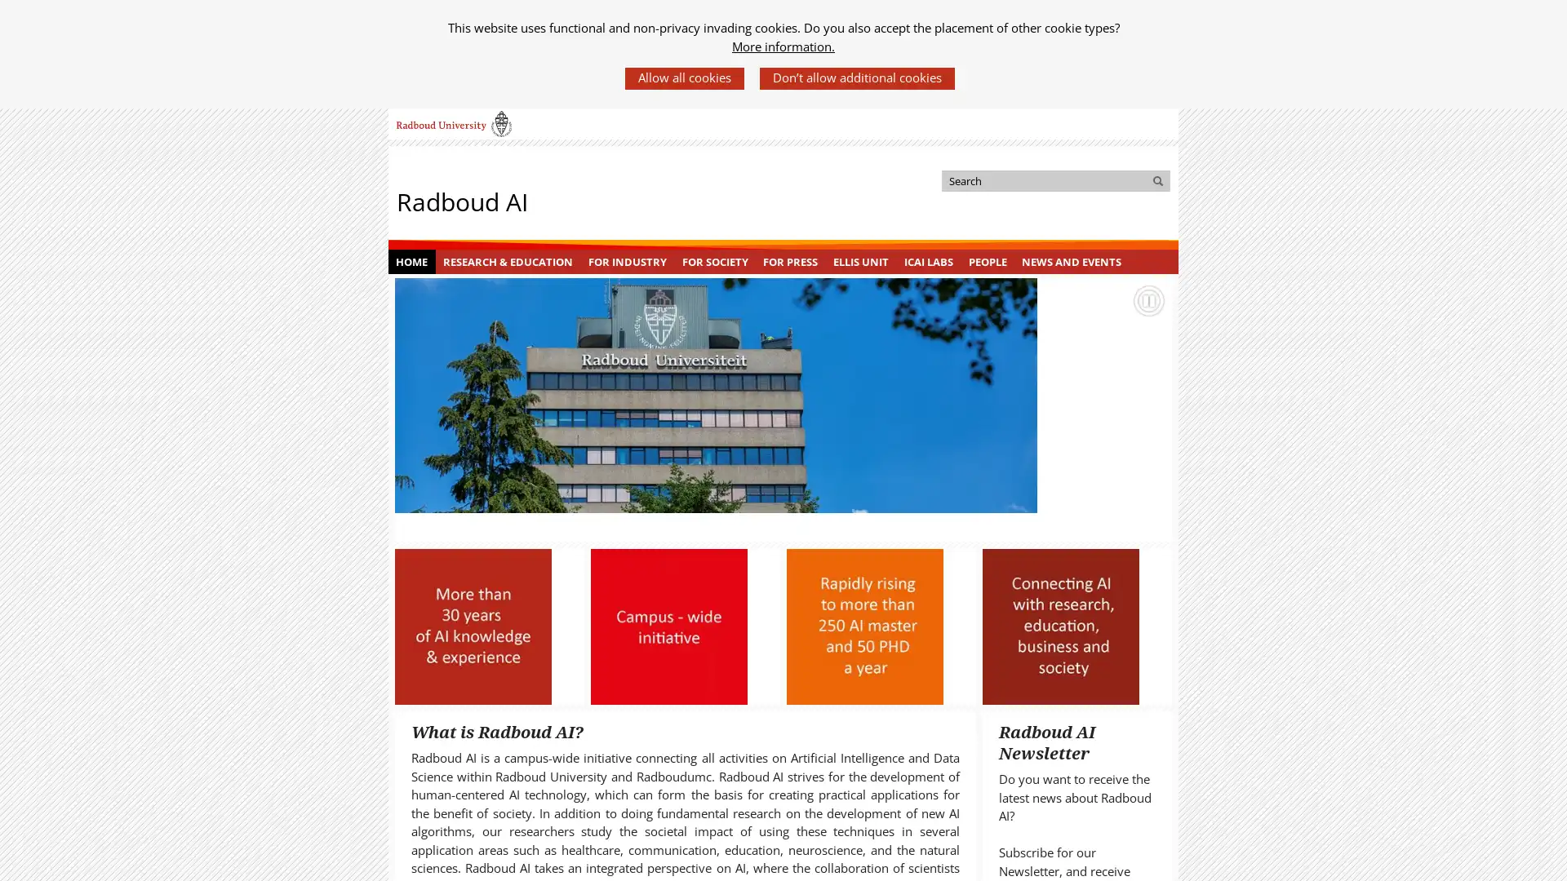  Describe the element at coordinates (1158, 181) in the screenshot. I see `Search` at that location.